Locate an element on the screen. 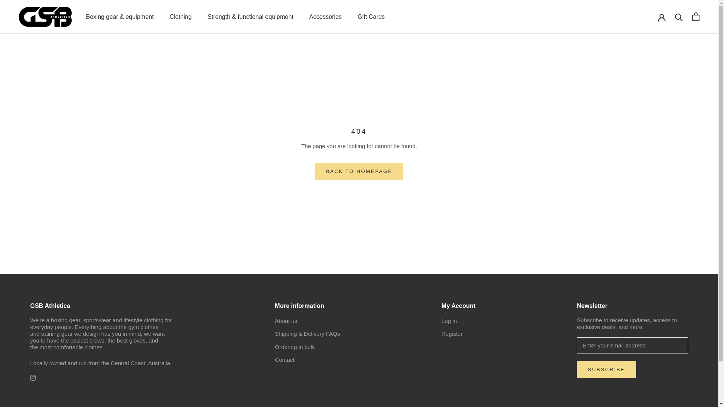 The height and width of the screenshot is (407, 724). 'Boxing gear & equipment is located at coordinates (119, 17).